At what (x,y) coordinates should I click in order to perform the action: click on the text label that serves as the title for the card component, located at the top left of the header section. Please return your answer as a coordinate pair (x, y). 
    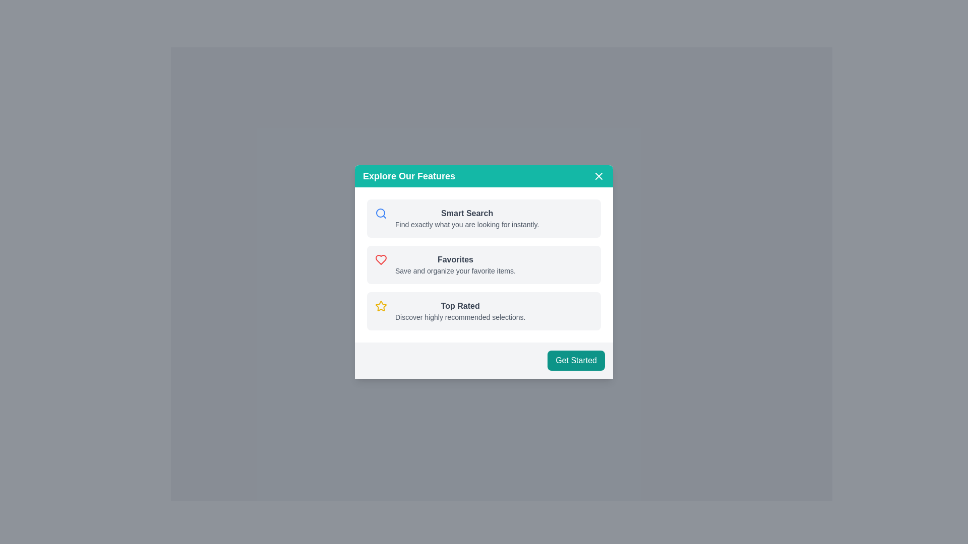
    Looking at the image, I should click on (409, 176).